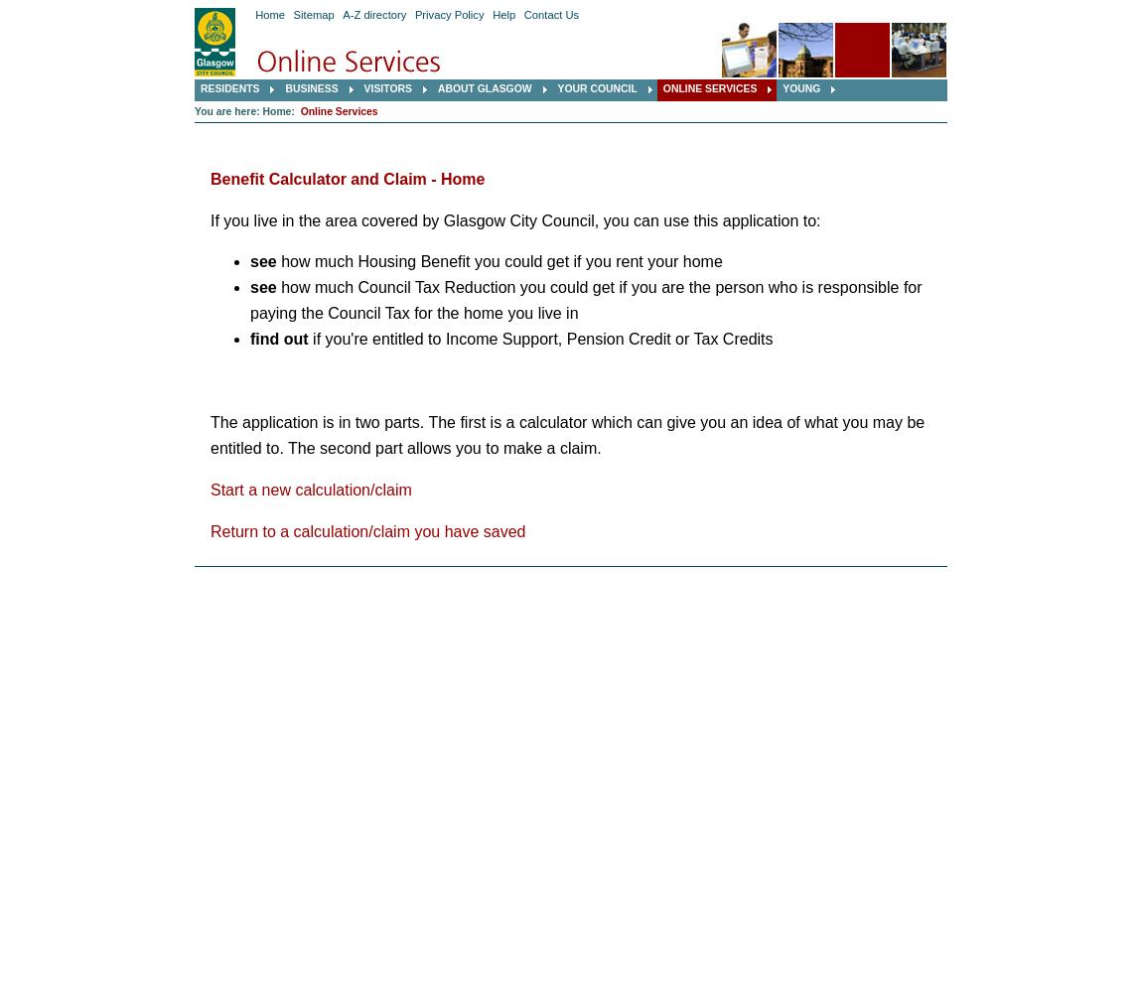  Describe the element at coordinates (347, 178) in the screenshot. I see `'Benefit Calculator and Claim - Home'` at that location.